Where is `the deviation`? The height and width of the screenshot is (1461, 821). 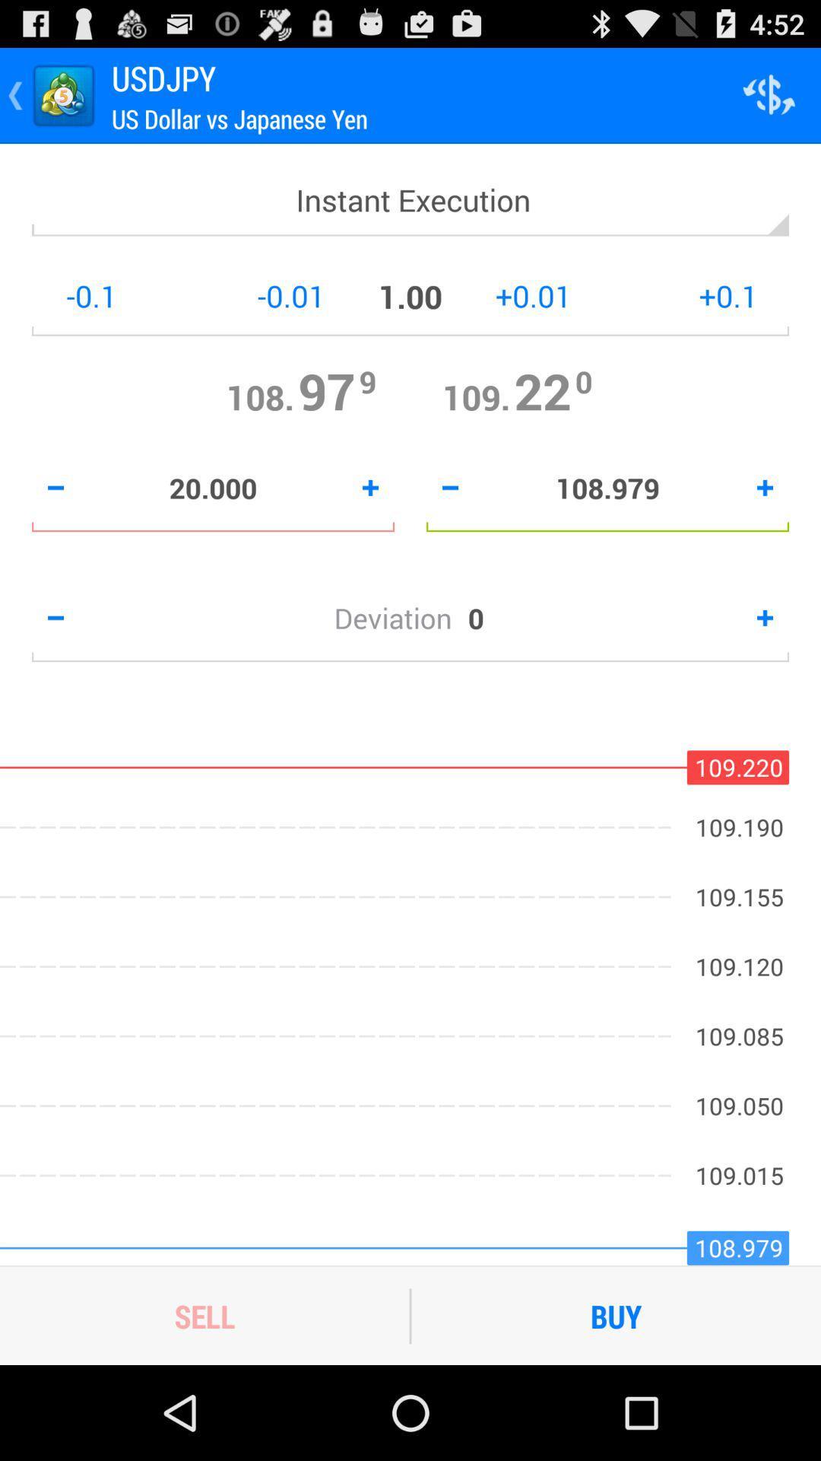
the deviation is located at coordinates (400, 618).